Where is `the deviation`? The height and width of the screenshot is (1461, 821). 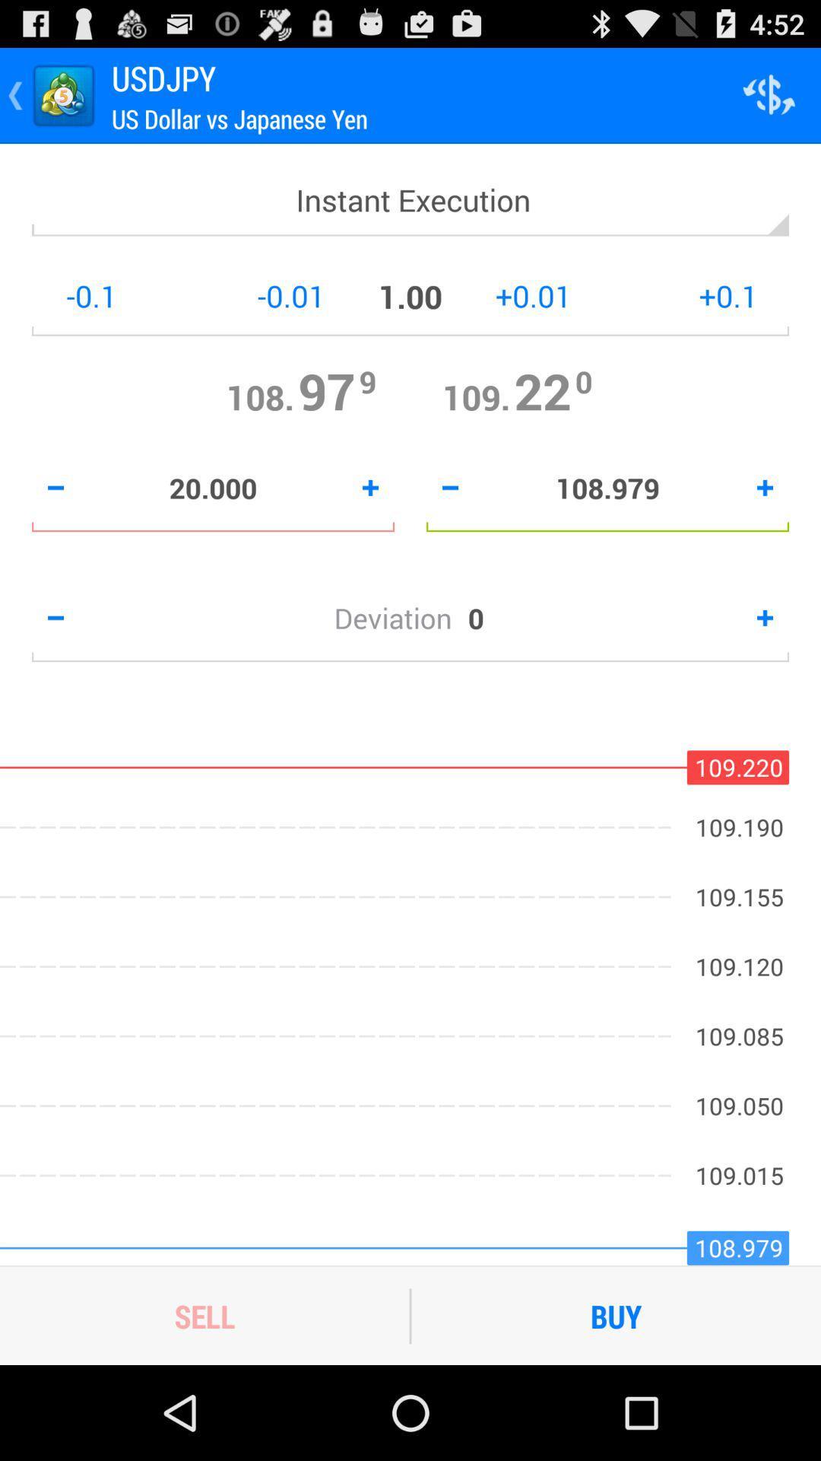
the deviation is located at coordinates (400, 618).